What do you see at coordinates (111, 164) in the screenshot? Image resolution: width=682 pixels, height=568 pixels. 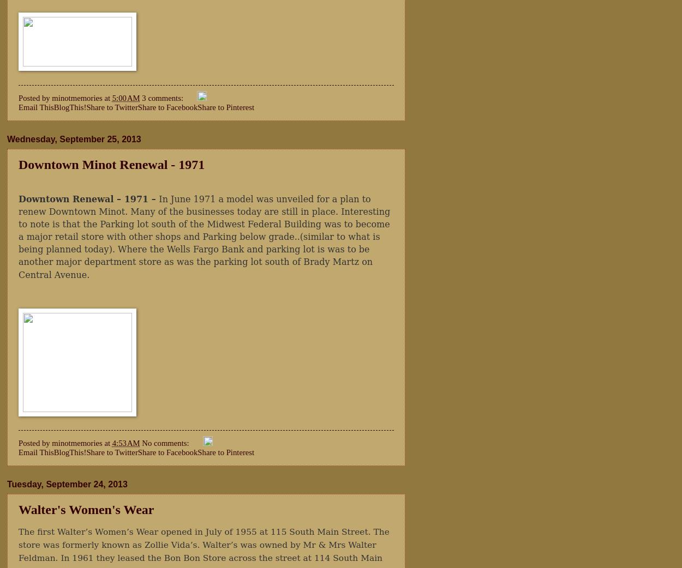 I see `'Downtown Minot Renewal - 1971'` at bounding box center [111, 164].